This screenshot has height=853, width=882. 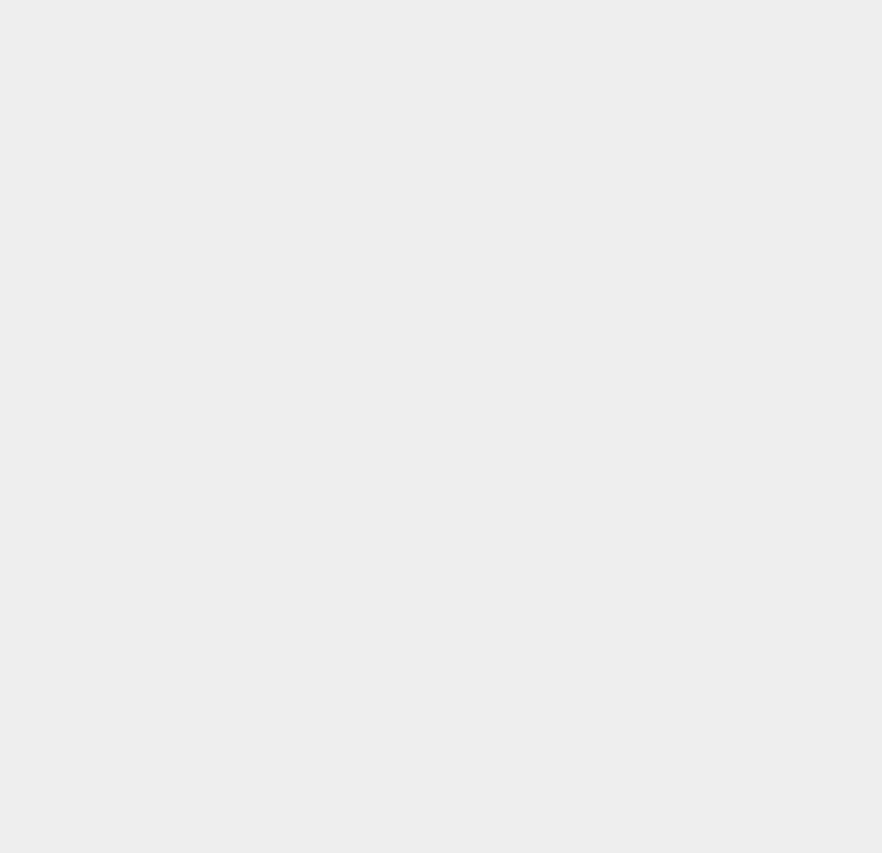 I want to click on 'Galaxy S-Voice', so click(x=661, y=168).